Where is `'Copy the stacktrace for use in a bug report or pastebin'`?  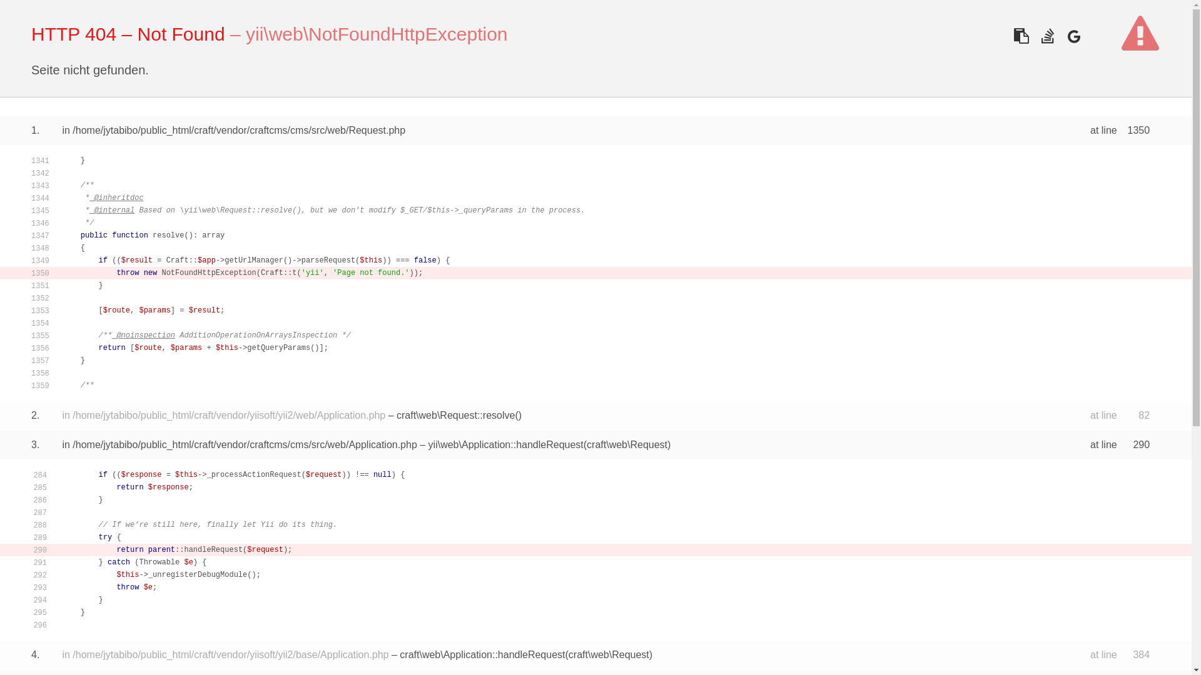
'Copy the stacktrace for use in a bug report or pastebin' is located at coordinates (1021, 35).